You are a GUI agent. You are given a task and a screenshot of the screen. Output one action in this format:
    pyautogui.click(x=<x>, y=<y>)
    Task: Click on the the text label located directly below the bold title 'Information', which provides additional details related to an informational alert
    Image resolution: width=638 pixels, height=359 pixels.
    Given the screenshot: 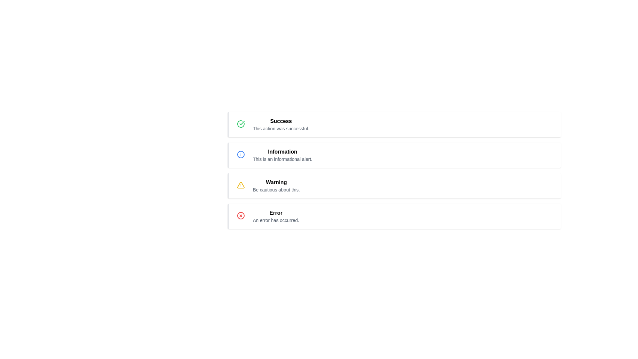 What is the action you would take?
    pyautogui.click(x=282, y=159)
    